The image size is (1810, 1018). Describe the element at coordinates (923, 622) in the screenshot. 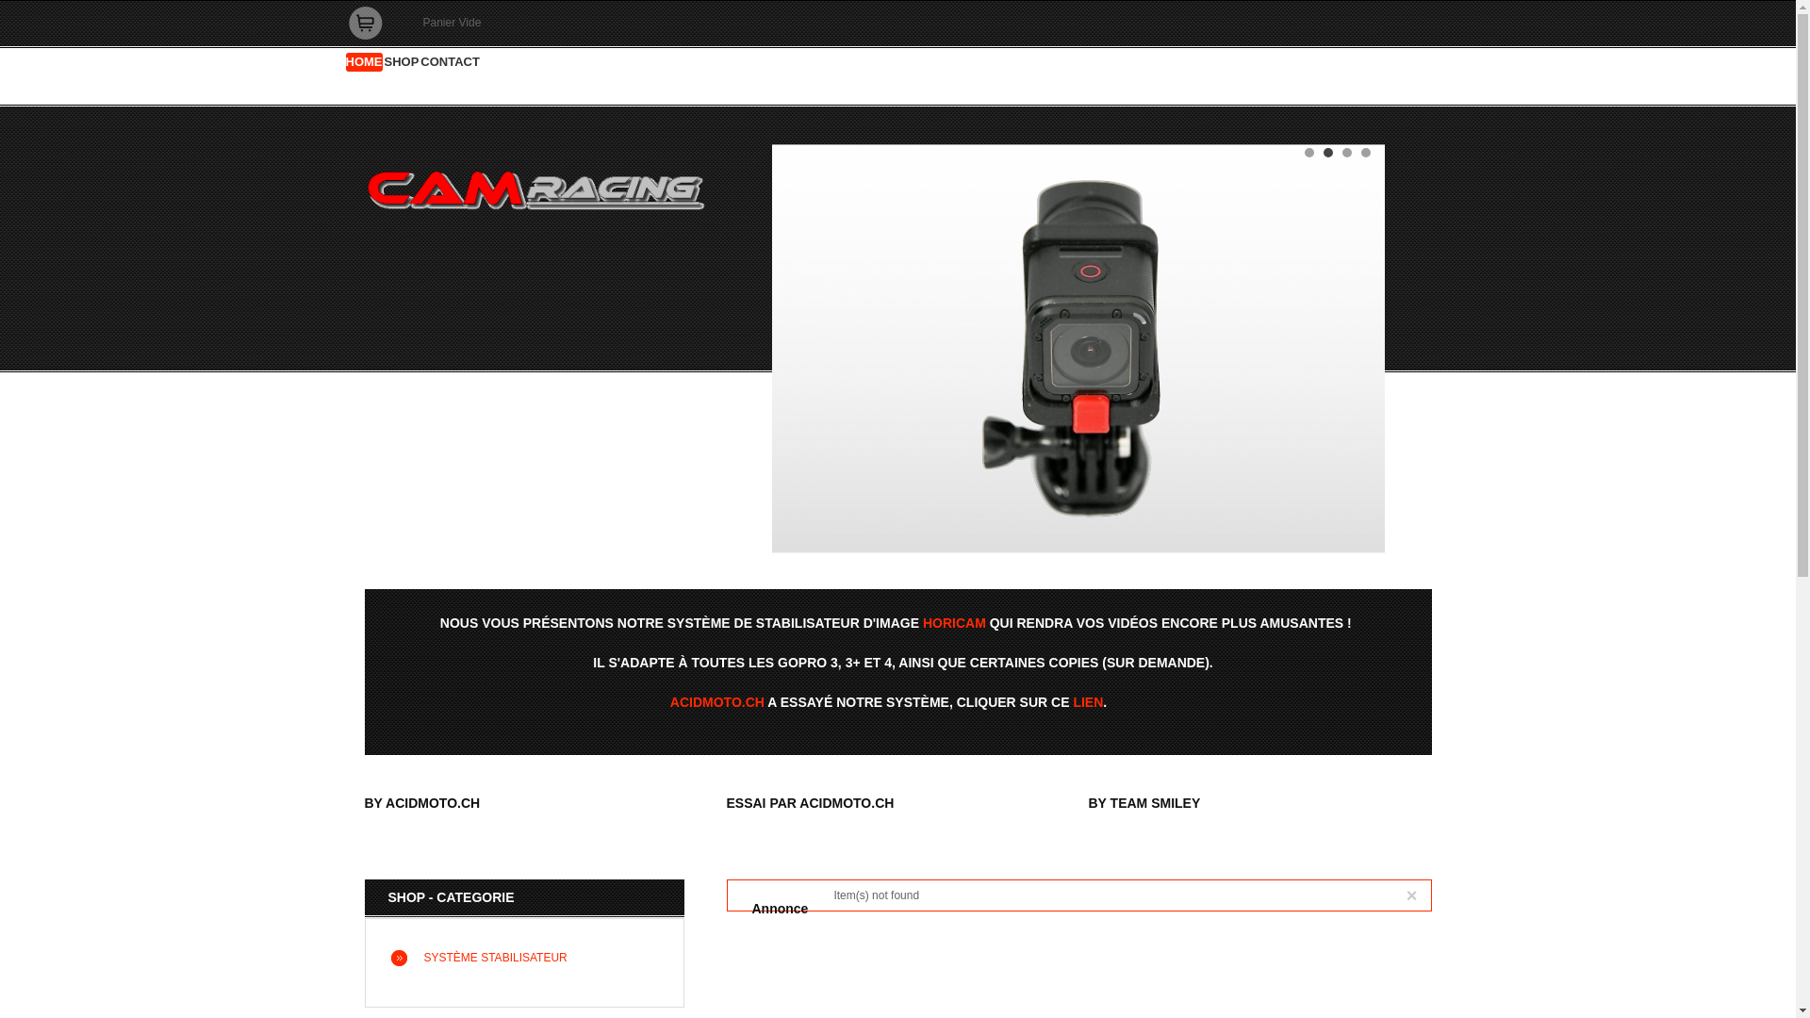

I see `'HORICAM'` at that location.